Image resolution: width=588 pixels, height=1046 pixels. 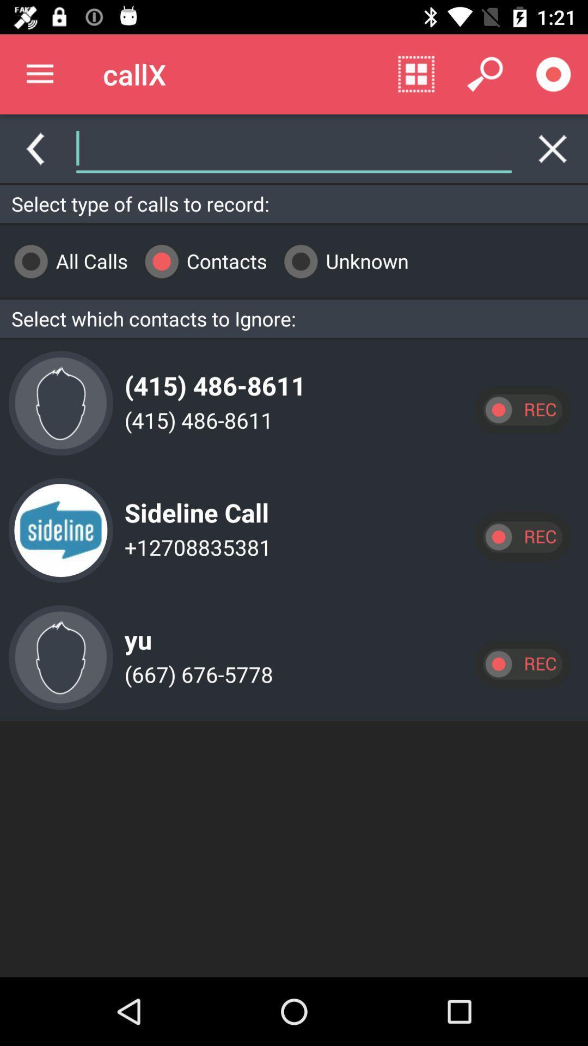 What do you see at coordinates (522, 409) in the screenshot?
I see `record call` at bounding box center [522, 409].